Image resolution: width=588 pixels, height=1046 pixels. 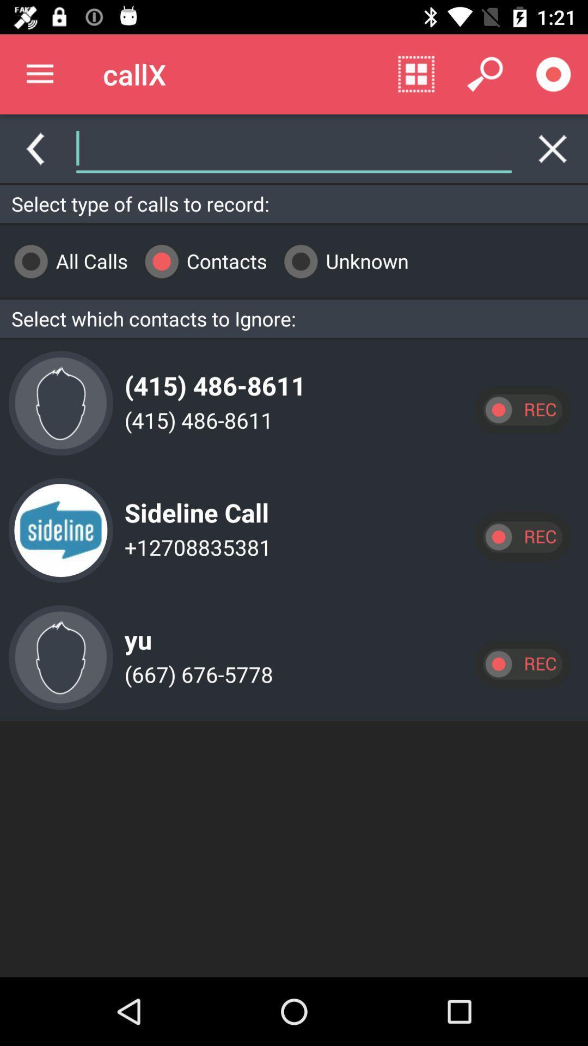 What do you see at coordinates (522, 409) in the screenshot?
I see `record call` at bounding box center [522, 409].